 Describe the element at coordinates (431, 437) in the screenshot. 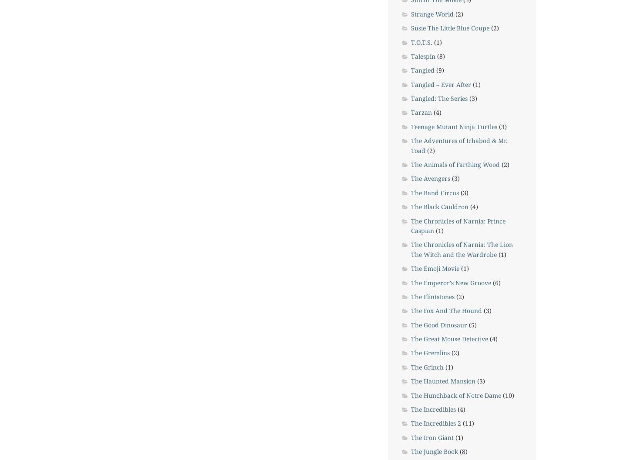

I see `'The Iron Giant'` at that location.